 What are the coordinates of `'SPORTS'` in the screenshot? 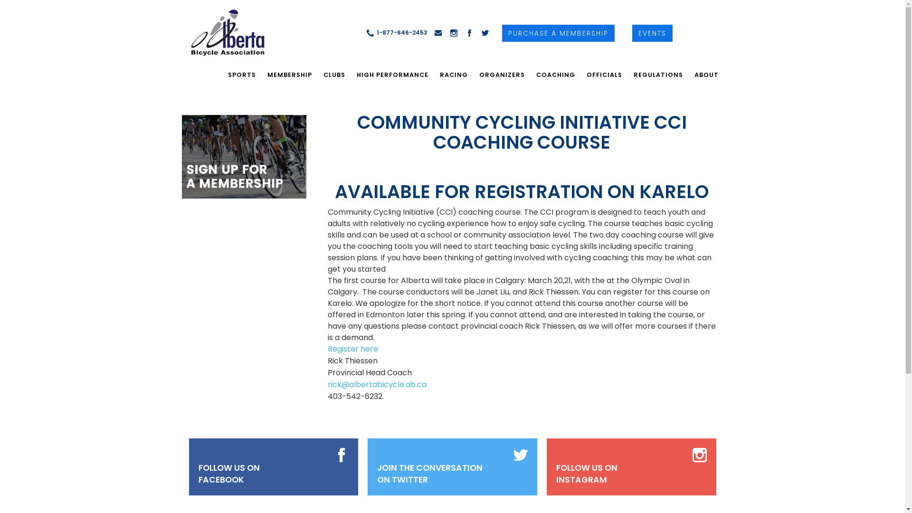 It's located at (242, 75).